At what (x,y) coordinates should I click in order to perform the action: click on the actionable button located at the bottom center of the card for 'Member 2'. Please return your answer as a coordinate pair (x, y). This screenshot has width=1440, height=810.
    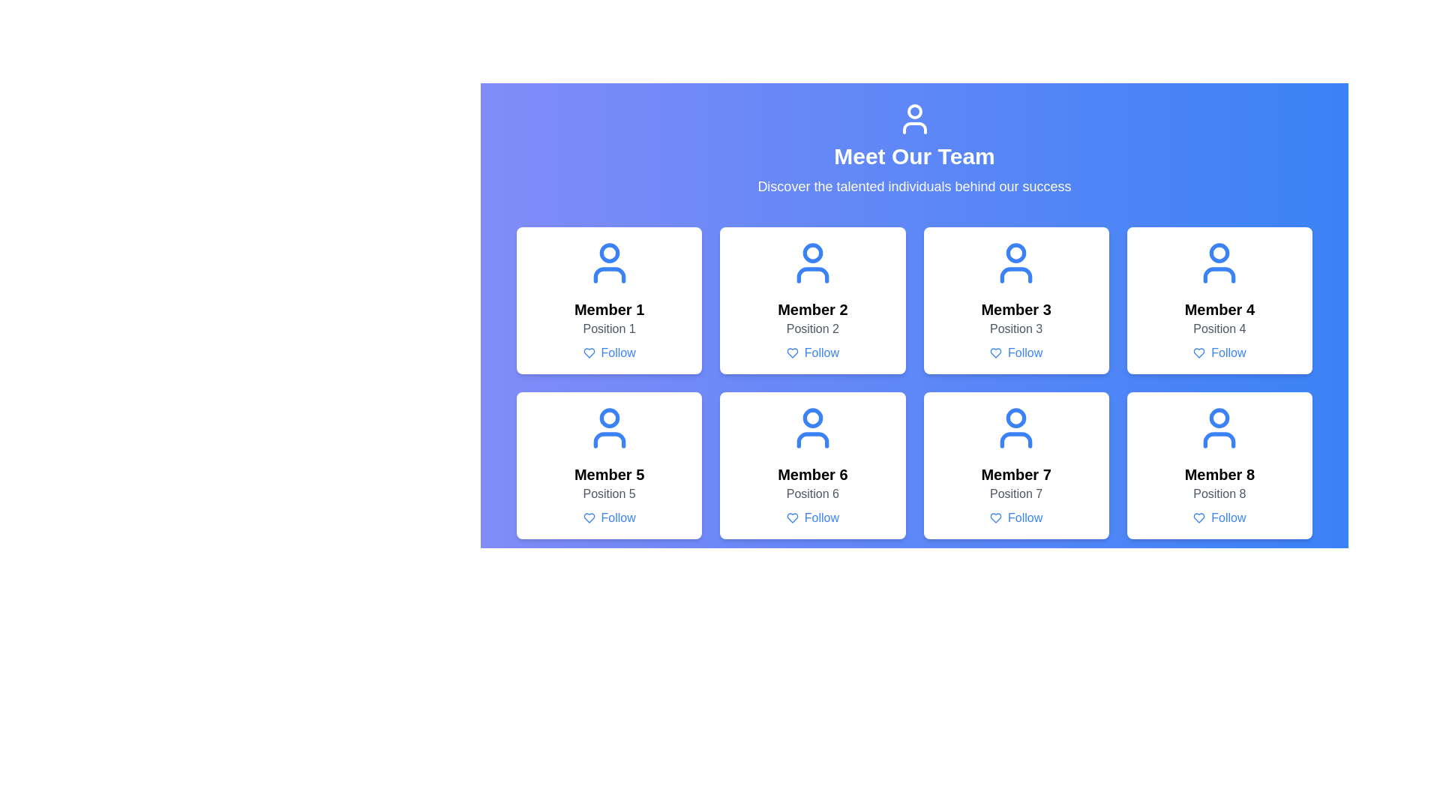
    Looking at the image, I should click on (811, 352).